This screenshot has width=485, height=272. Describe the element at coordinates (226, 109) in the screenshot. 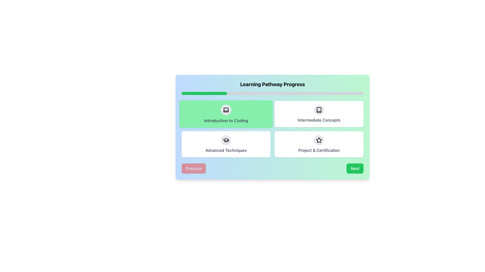

I see `the laptop icon within the green 'Introduction to Coding' button located in the top-left corner of the grid` at that location.